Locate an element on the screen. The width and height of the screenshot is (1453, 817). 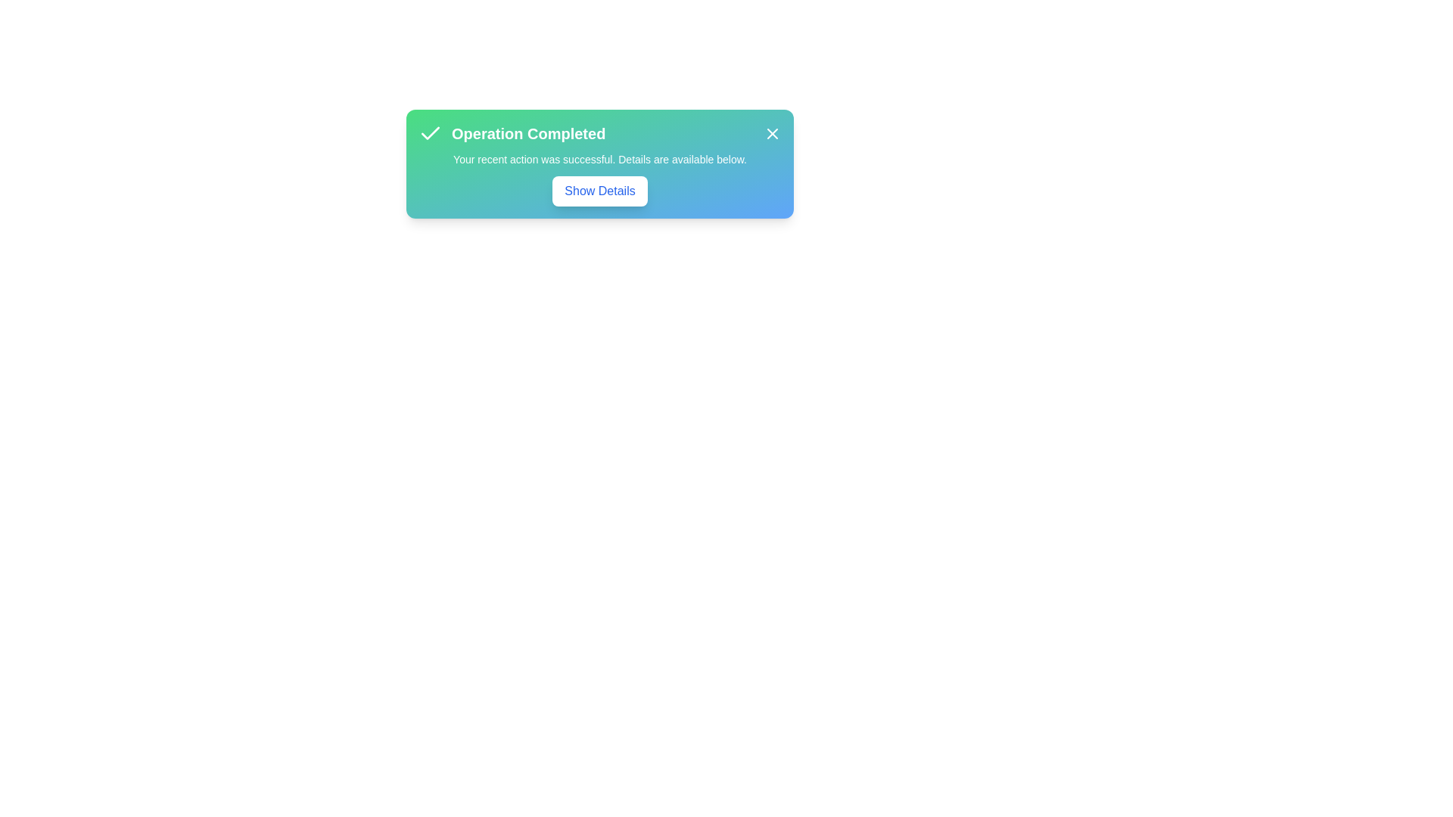
the close button to close the alert is located at coordinates (773, 133).